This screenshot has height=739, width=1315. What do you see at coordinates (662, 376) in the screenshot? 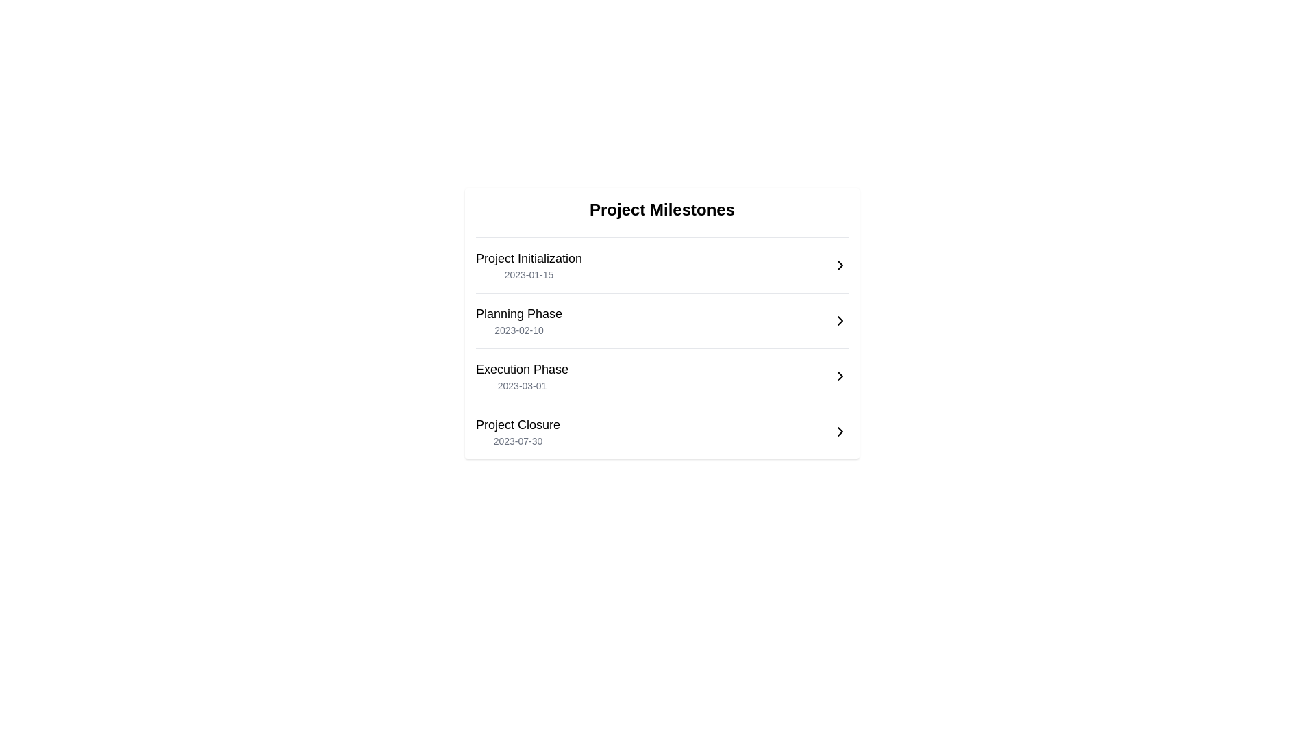
I see `the clickable list item labeled 'Execution Phase' with the associated date '2023-03-01'` at bounding box center [662, 376].